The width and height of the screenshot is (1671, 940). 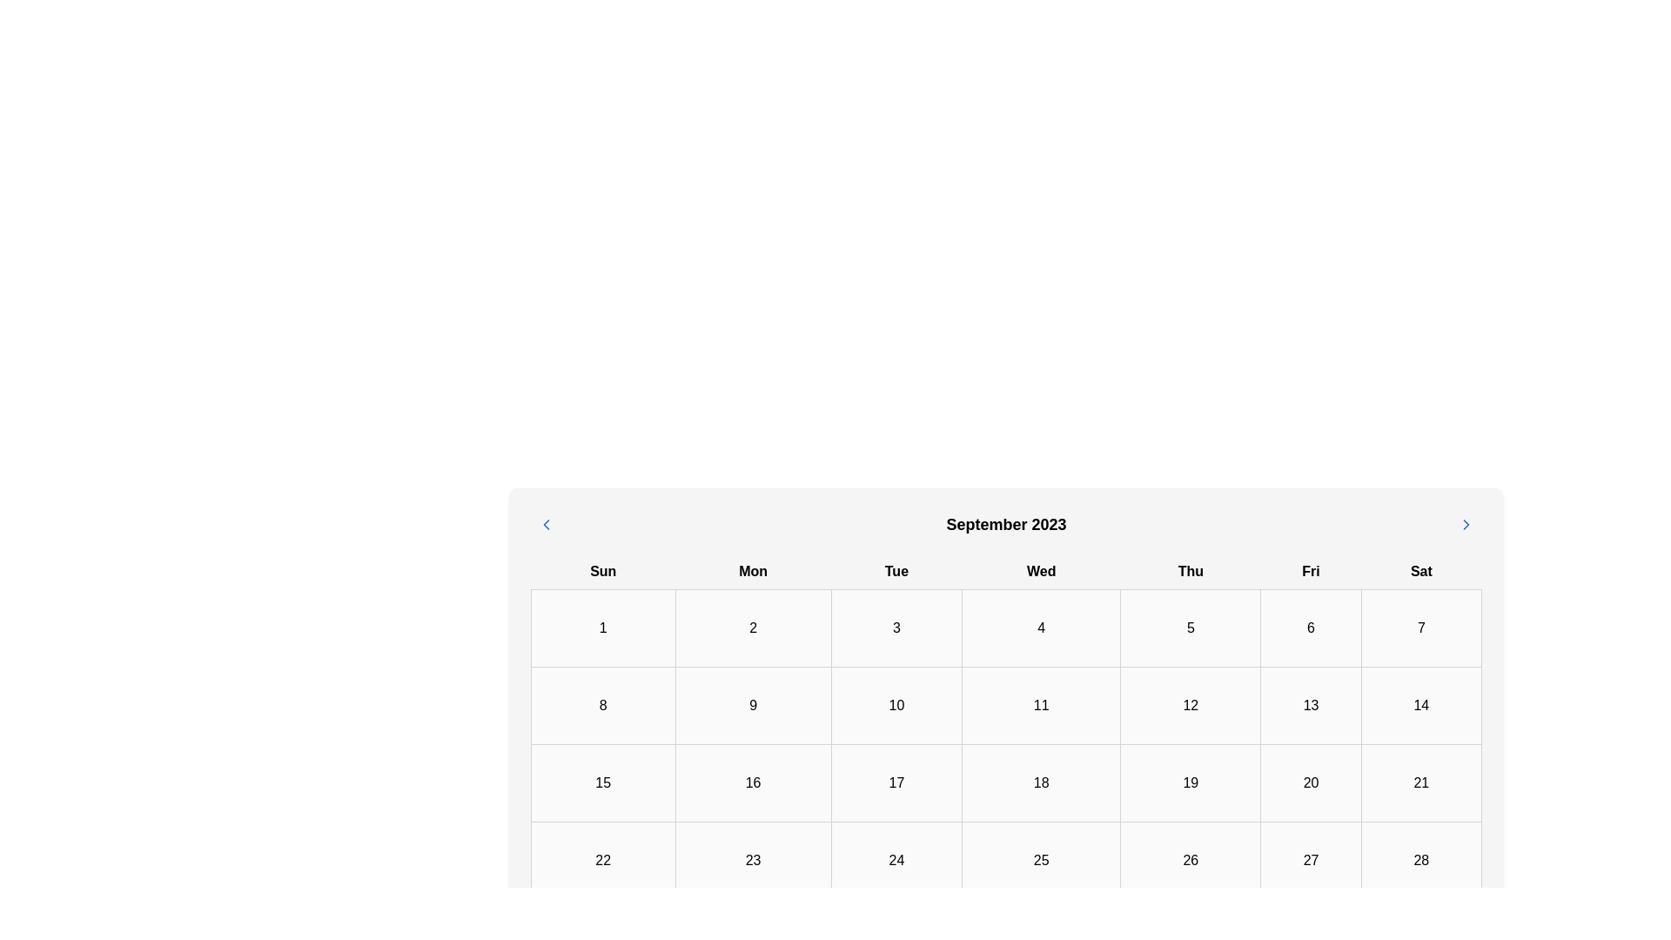 What do you see at coordinates (1190, 572) in the screenshot?
I see `the Thursday header label in the calendar interface` at bounding box center [1190, 572].